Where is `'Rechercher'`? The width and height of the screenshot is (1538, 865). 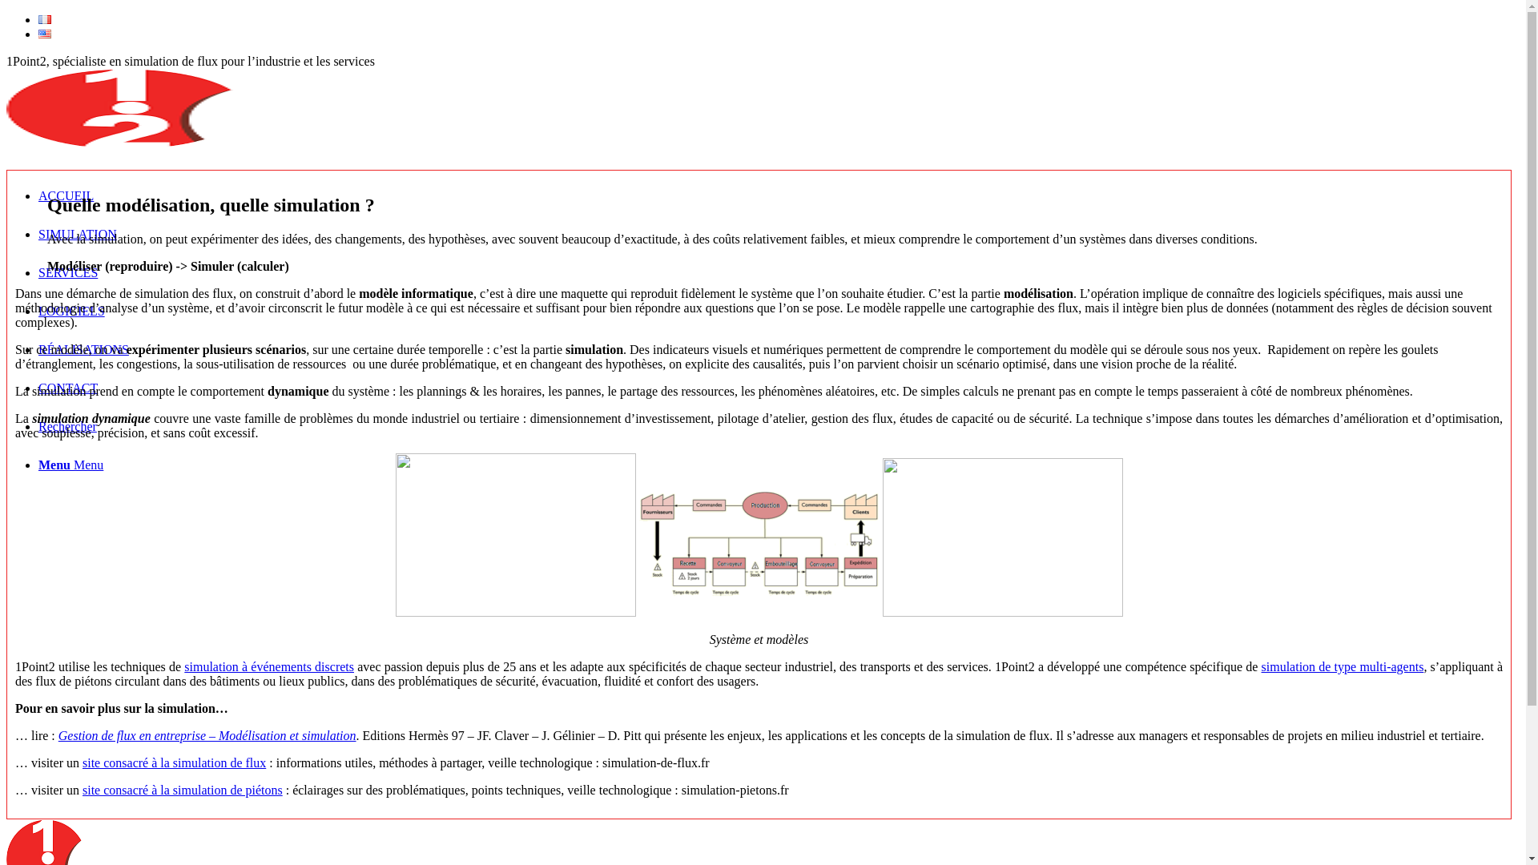
'Rechercher' is located at coordinates (66, 425).